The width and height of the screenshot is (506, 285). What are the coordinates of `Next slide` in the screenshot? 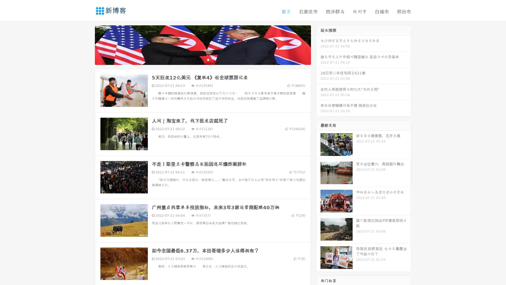 It's located at (318, 44).